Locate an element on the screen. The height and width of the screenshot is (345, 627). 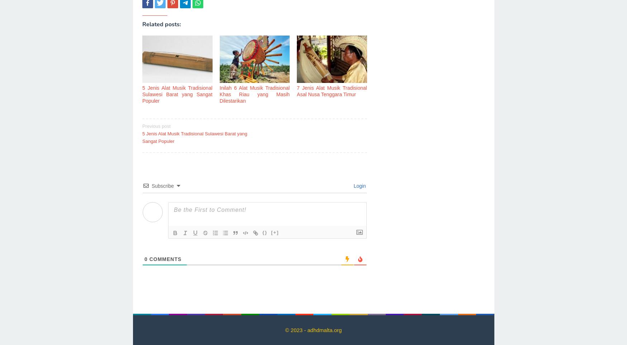
'© 2023 - adhdmalta.org' is located at coordinates (313, 330).